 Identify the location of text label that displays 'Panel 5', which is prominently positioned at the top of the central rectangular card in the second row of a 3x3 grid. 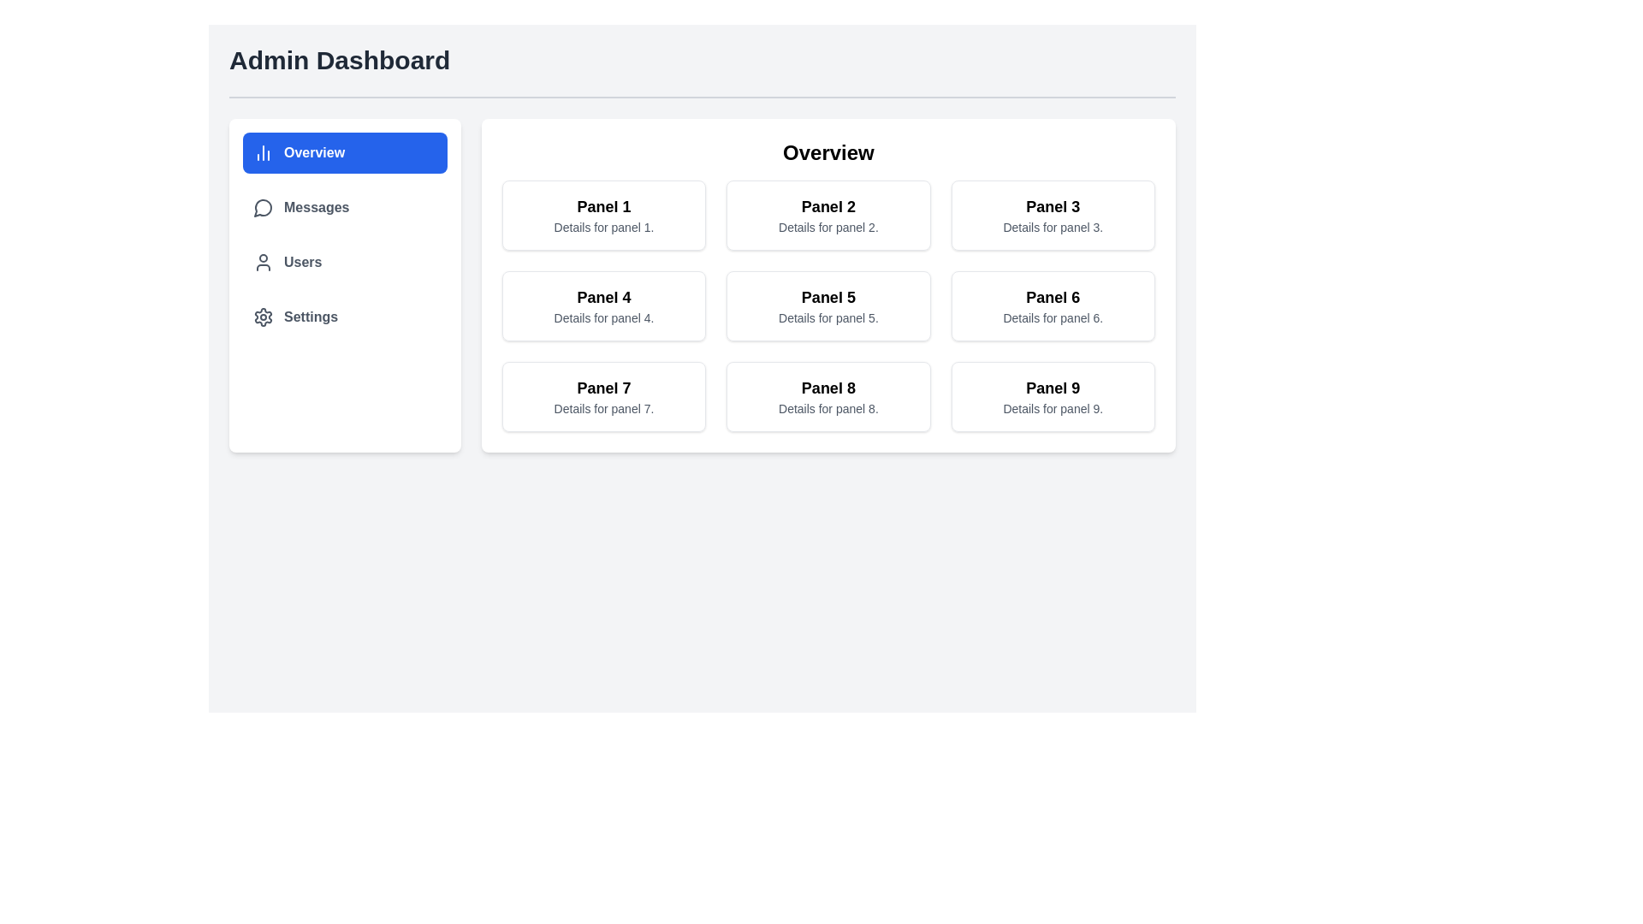
(828, 296).